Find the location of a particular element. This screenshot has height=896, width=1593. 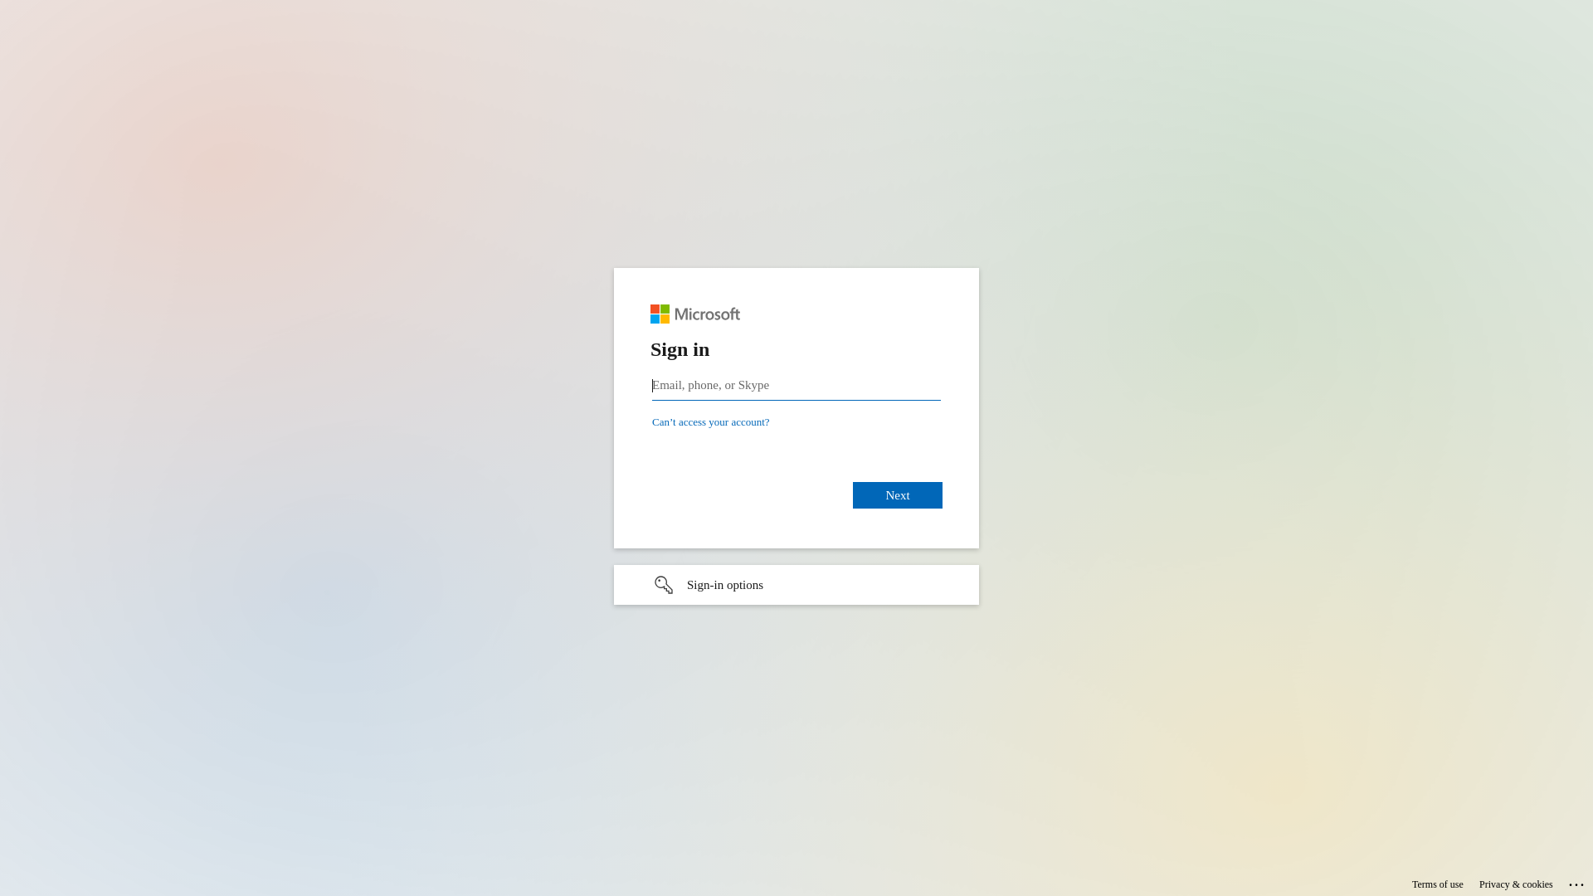

'Next' is located at coordinates (896, 494).